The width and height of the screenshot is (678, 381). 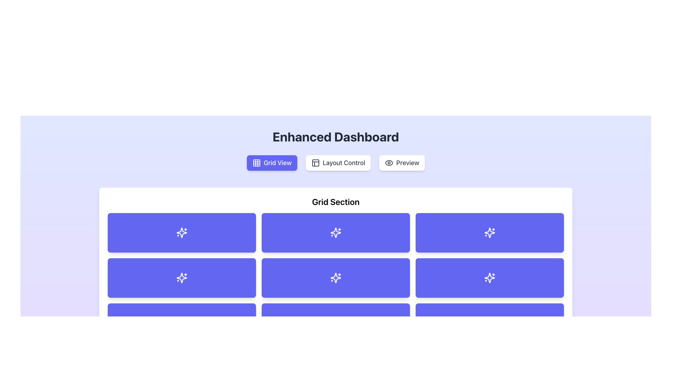 What do you see at coordinates (389, 163) in the screenshot?
I see `the visual appearance of the eye icon within the 'Preview' button, which is located under the 'Enhanced Dashboard' header and to the right of the 'Layout Control' button` at bounding box center [389, 163].